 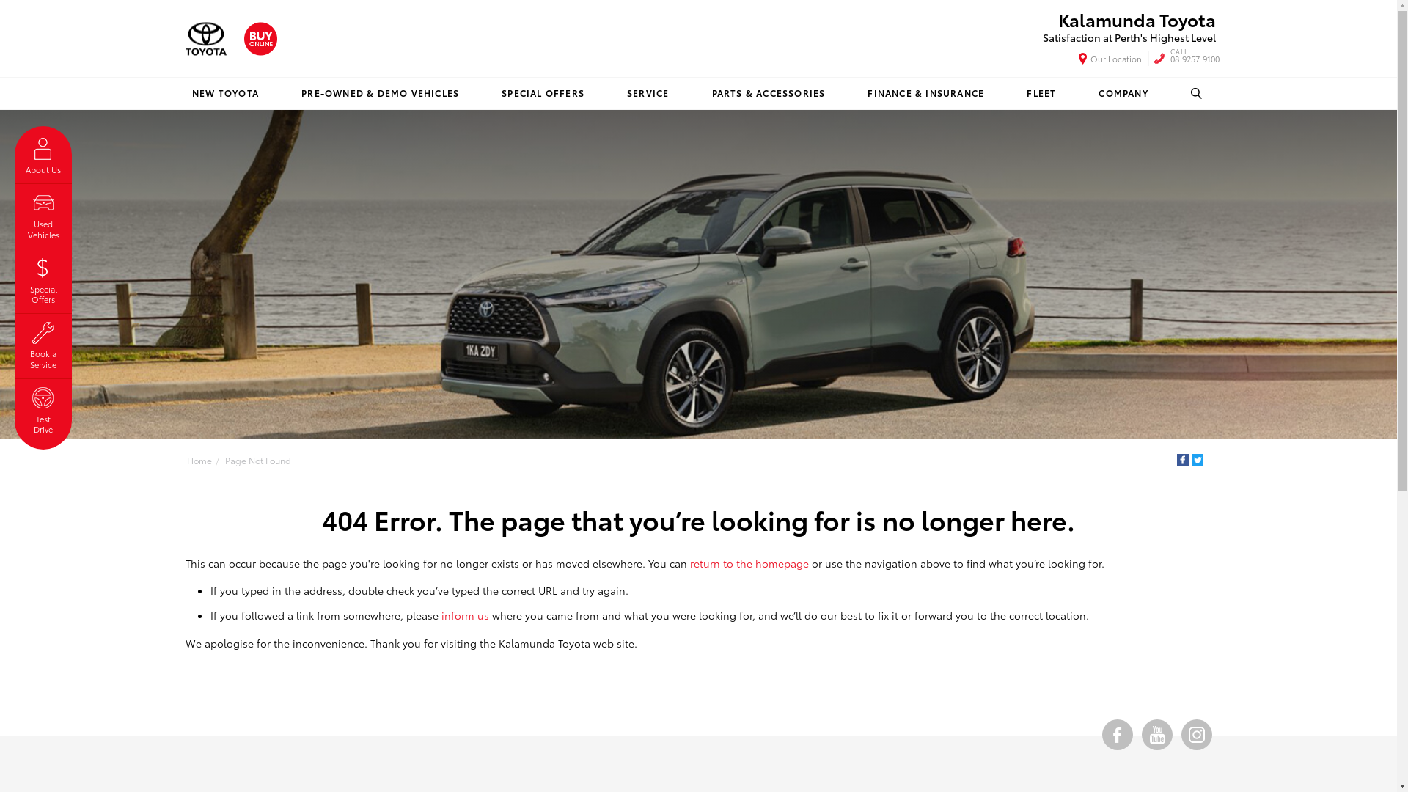 What do you see at coordinates (689, 562) in the screenshot?
I see `'return to the homepage'` at bounding box center [689, 562].